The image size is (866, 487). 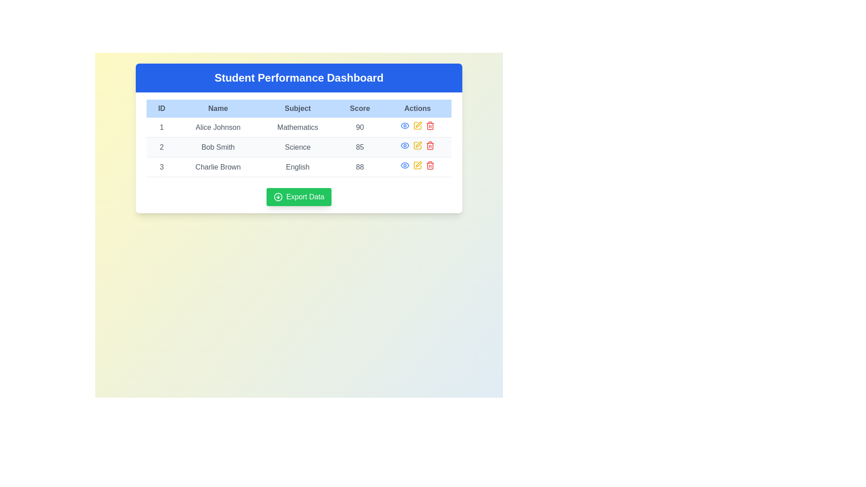 What do you see at coordinates (218, 147) in the screenshot?
I see `text label displaying the name 'Bob Smith' located in the second row of the table under the 'Name' column` at bounding box center [218, 147].